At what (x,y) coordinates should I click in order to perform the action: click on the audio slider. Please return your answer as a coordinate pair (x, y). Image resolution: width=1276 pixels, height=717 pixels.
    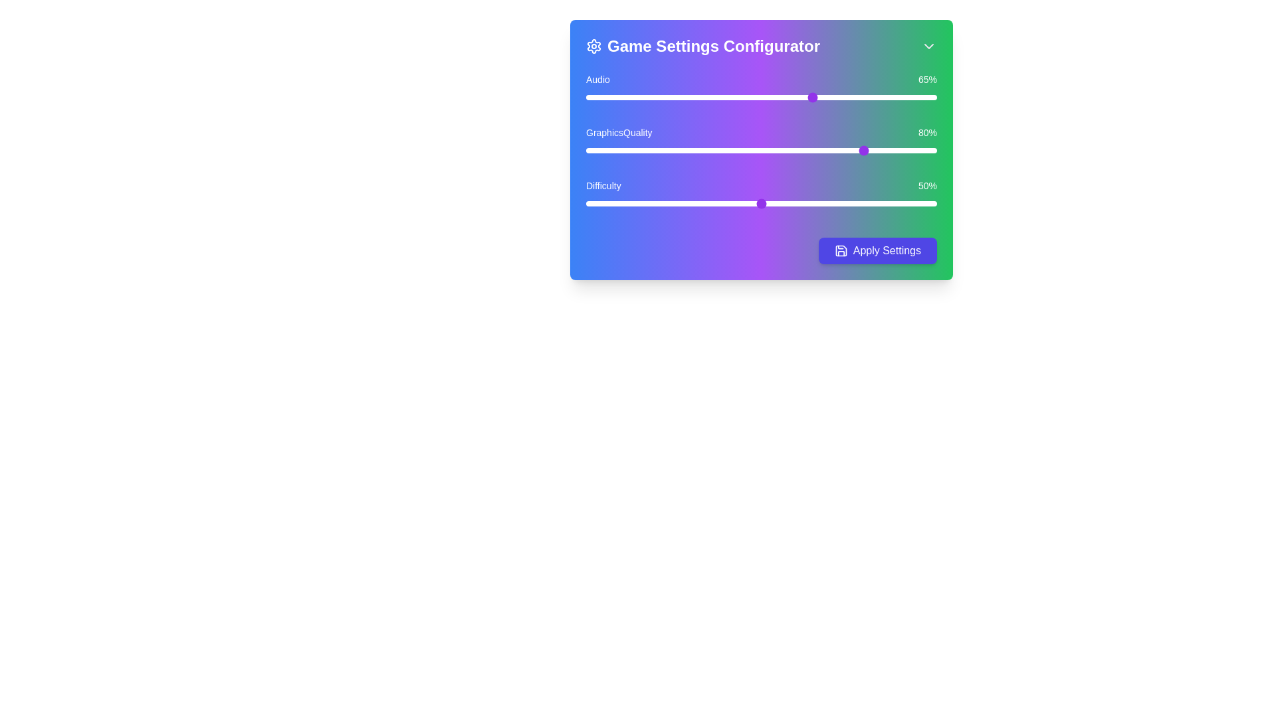
    Looking at the image, I should click on (704, 96).